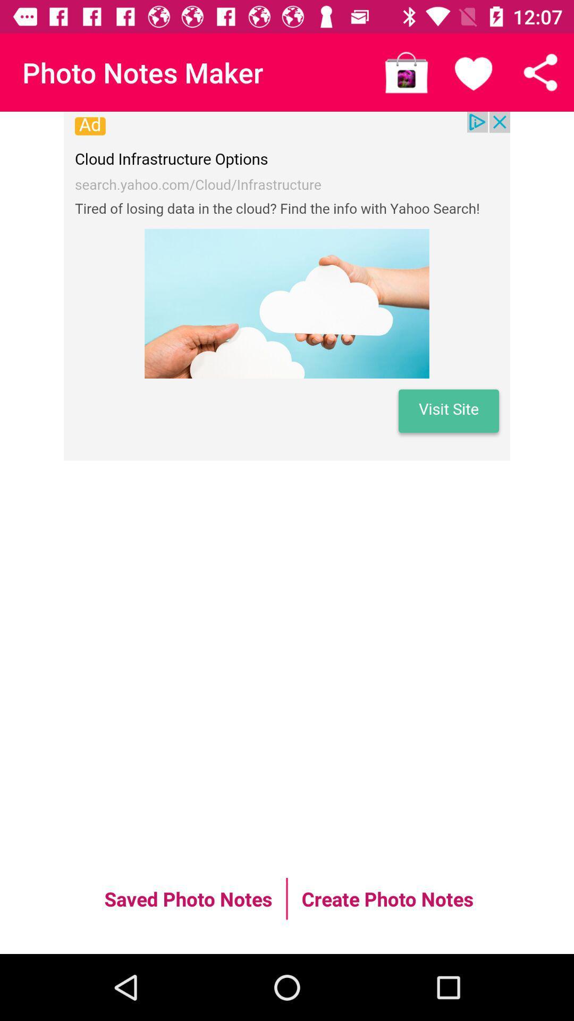 Image resolution: width=574 pixels, height=1021 pixels. What do you see at coordinates (473, 72) in the screenshot?
I see `to like` at bounding box center [473, 72].